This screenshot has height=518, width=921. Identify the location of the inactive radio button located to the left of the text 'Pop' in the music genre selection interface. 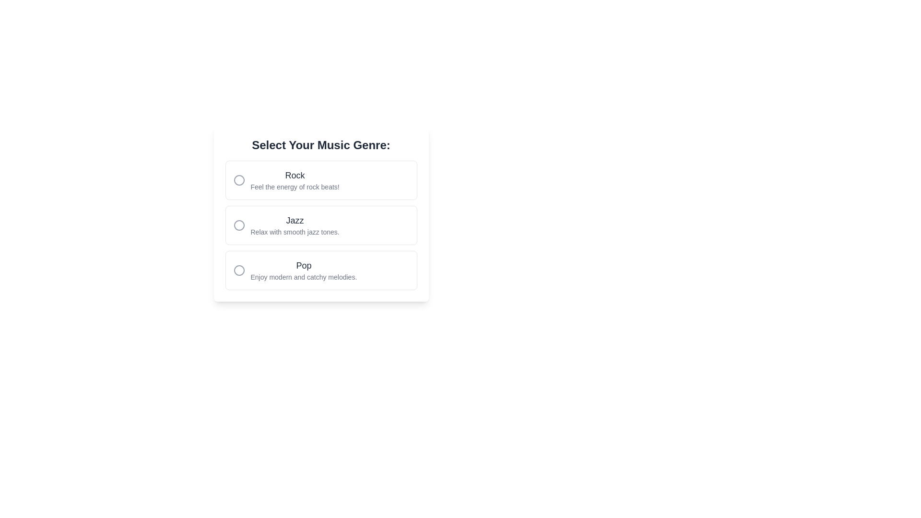
(239, 270).